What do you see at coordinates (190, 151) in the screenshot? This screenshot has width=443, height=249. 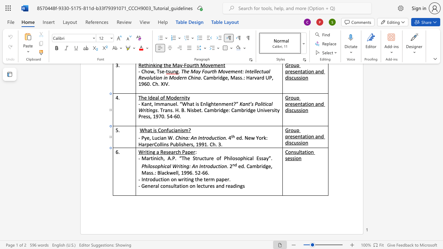 I see `the space between the continuous character "p" and "e" in the text` at bounding box center [190, 151].